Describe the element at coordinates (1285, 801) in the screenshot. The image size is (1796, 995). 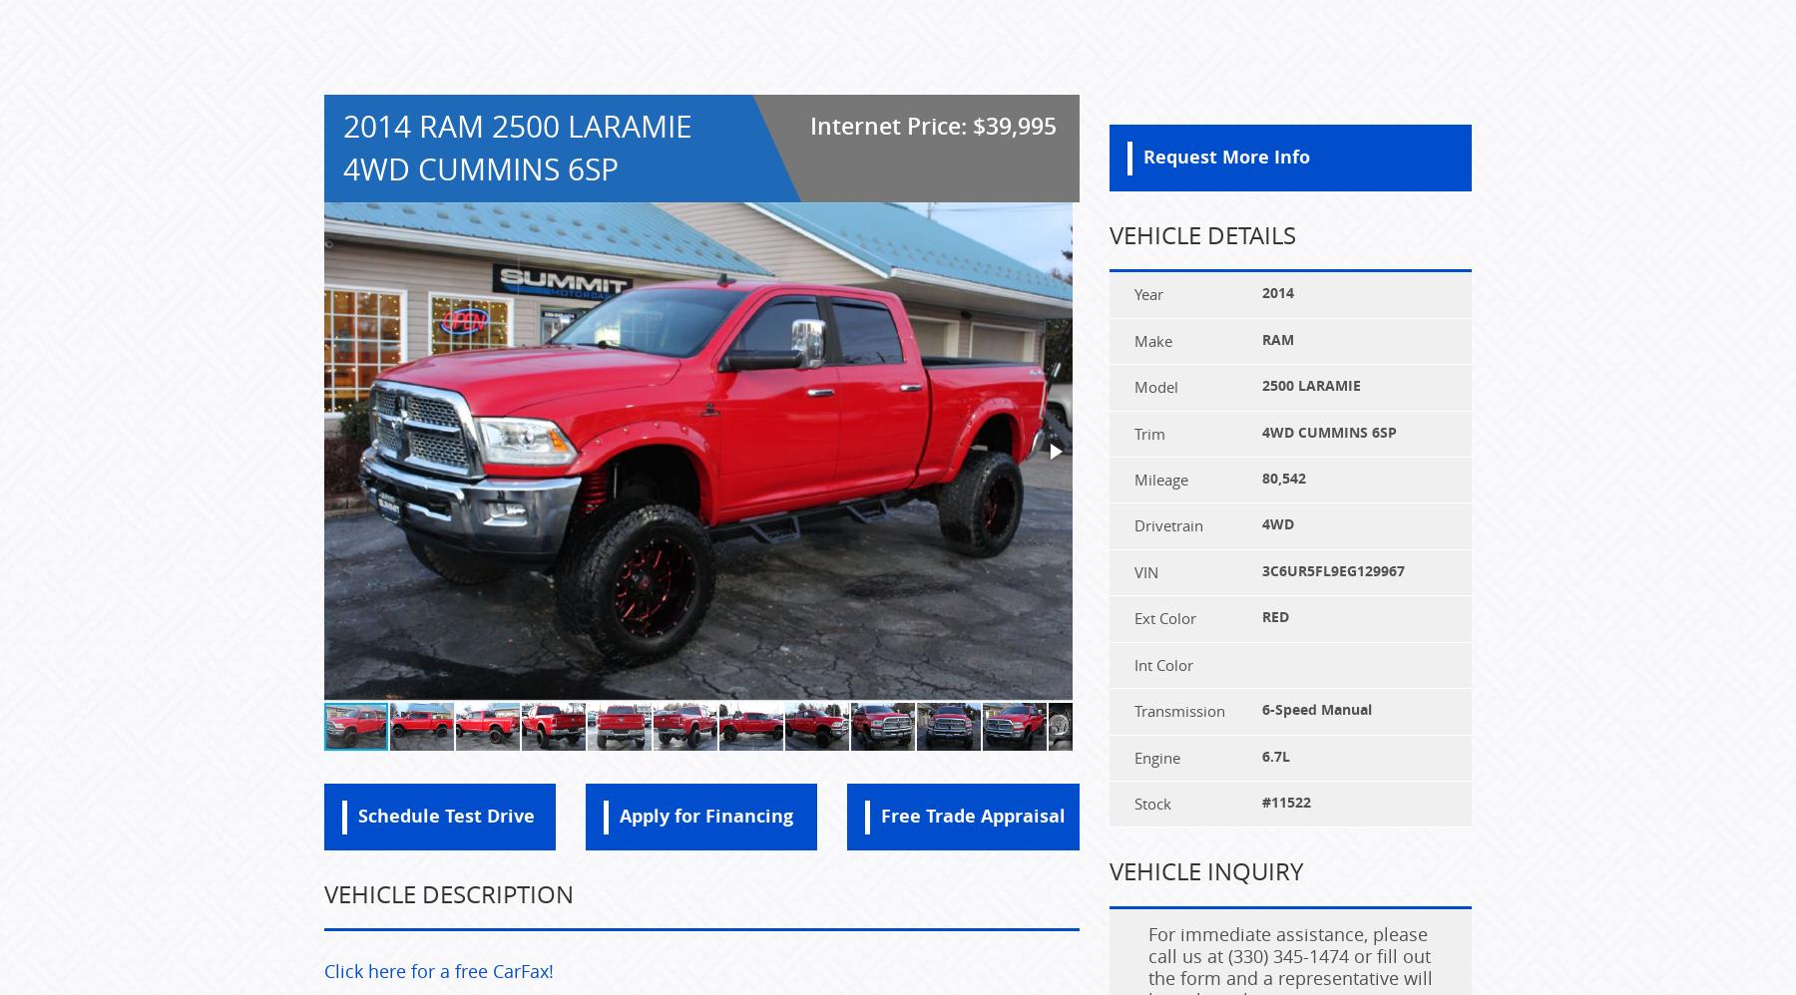
I see `'#11522'` at that location.